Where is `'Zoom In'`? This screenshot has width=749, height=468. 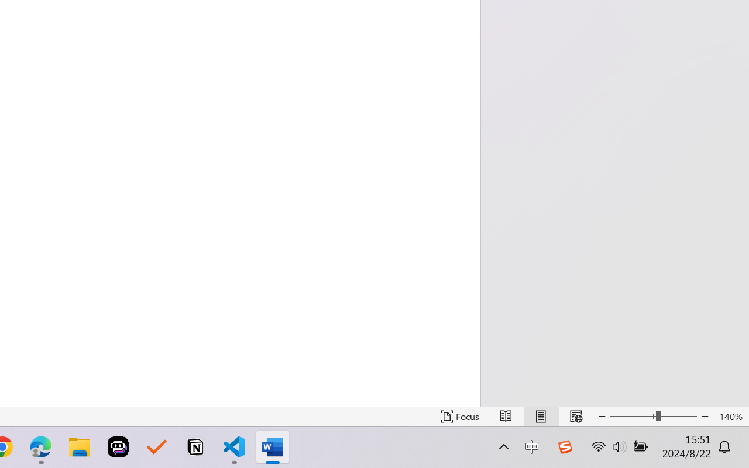
'Zoom In' is located at coordinates (705, 416).